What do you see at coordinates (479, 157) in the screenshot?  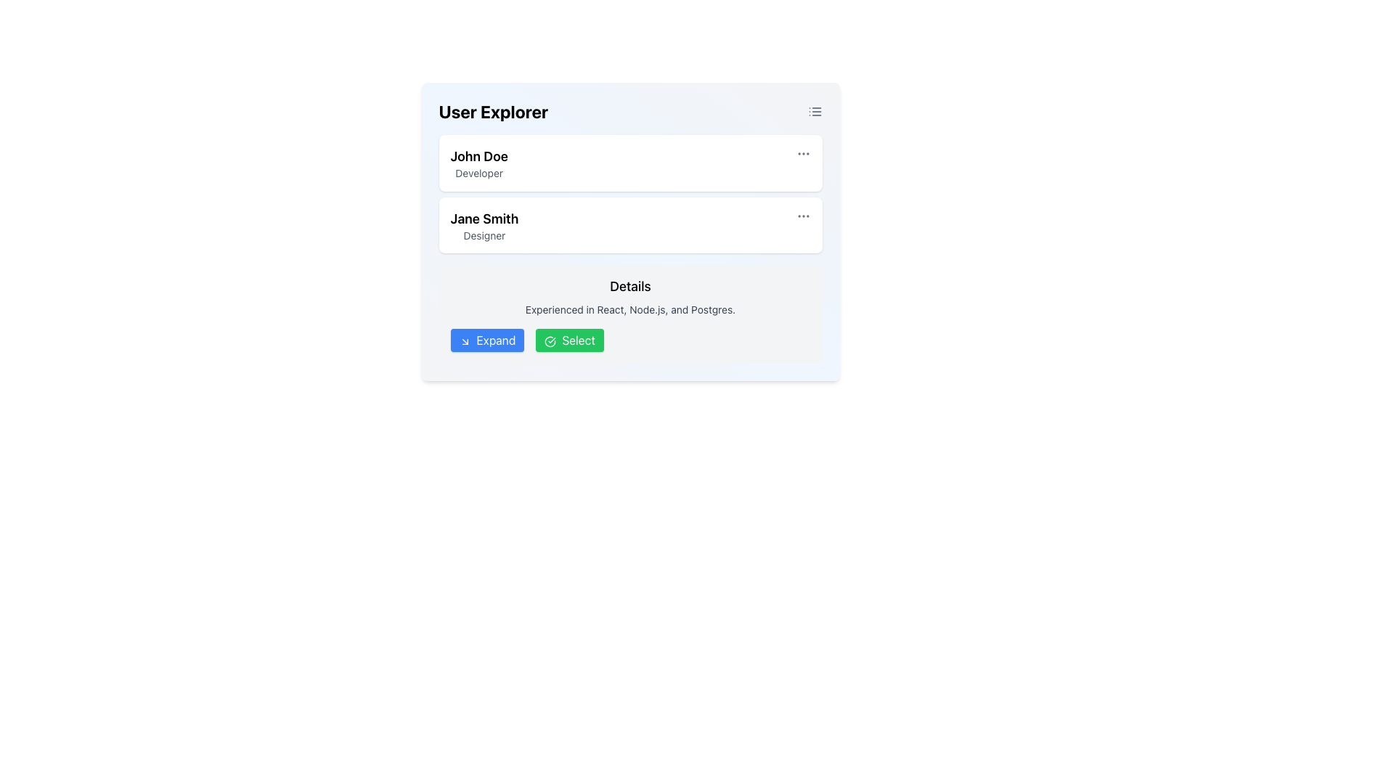 I see `the text label 'John Doe' at the top of the first card` at bounding box center [479, 157].